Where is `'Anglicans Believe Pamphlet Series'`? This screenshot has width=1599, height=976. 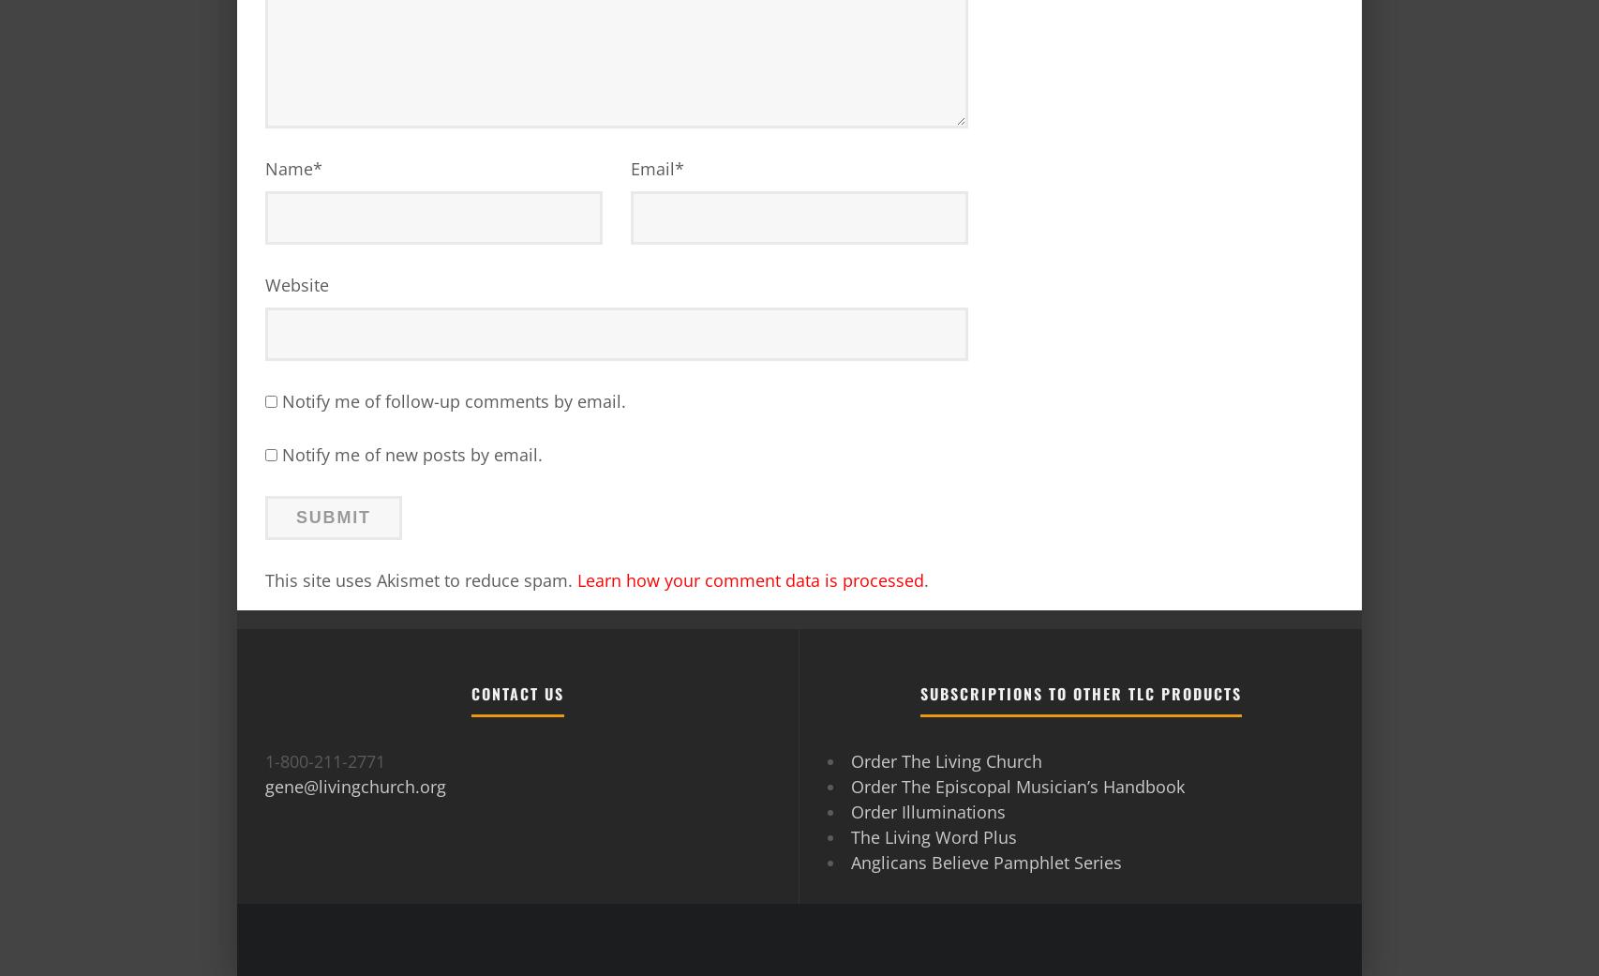
'Anglicans Believe Pamphlet Series' is located at coordinates (986, 860).